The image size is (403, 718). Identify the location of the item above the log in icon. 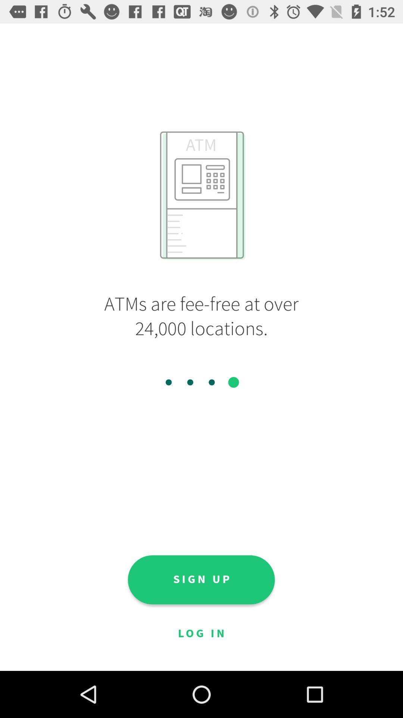
(201, 579).